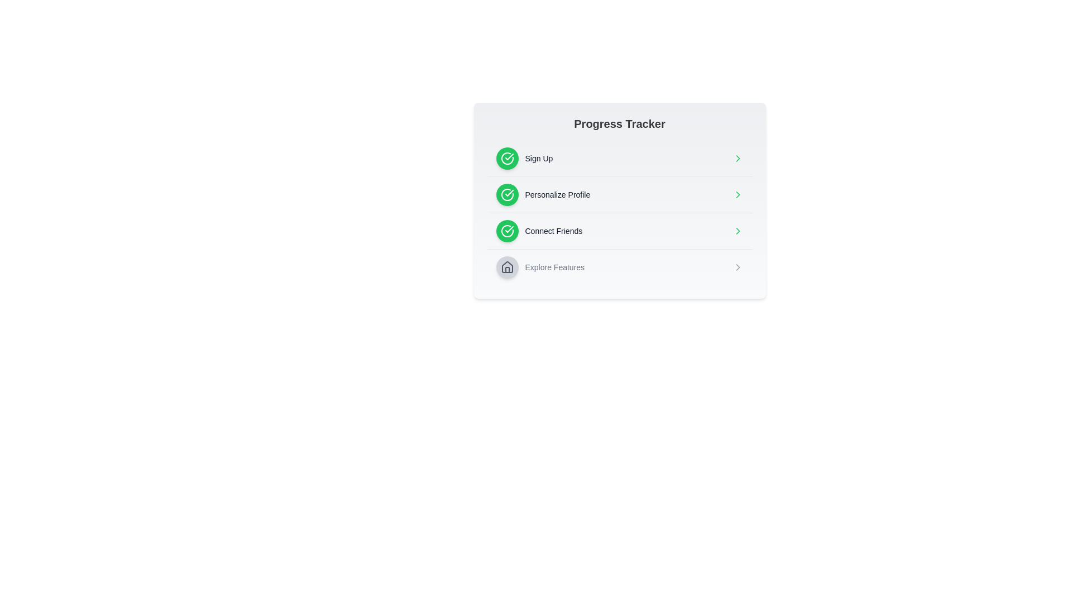  What do you see at coordinates (506, 230) in the screenshot?
I see `the Indicator Icon, which is a circular icon with a green background and a white checkmark, located on the third row of the 'Progress Tracker' panel` at bounding box center [506, 230].